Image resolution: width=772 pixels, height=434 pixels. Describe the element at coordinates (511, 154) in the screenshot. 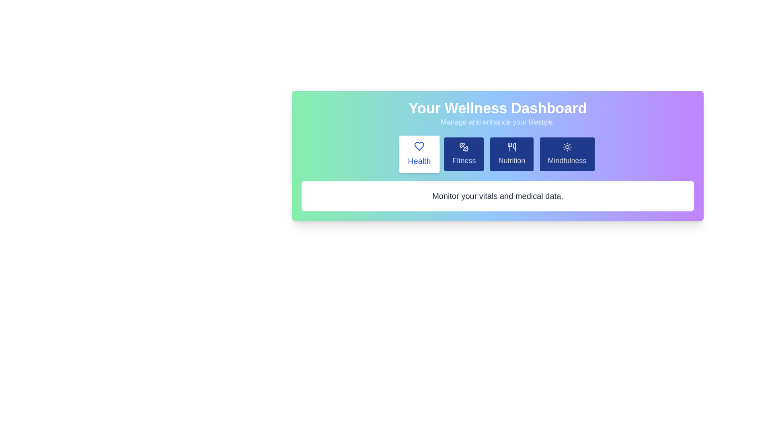

I see `the Nutrition tab to select its content` at that location.